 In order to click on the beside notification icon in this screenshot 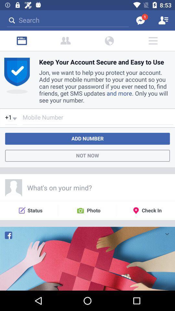, I will do `click(65, 40)`.